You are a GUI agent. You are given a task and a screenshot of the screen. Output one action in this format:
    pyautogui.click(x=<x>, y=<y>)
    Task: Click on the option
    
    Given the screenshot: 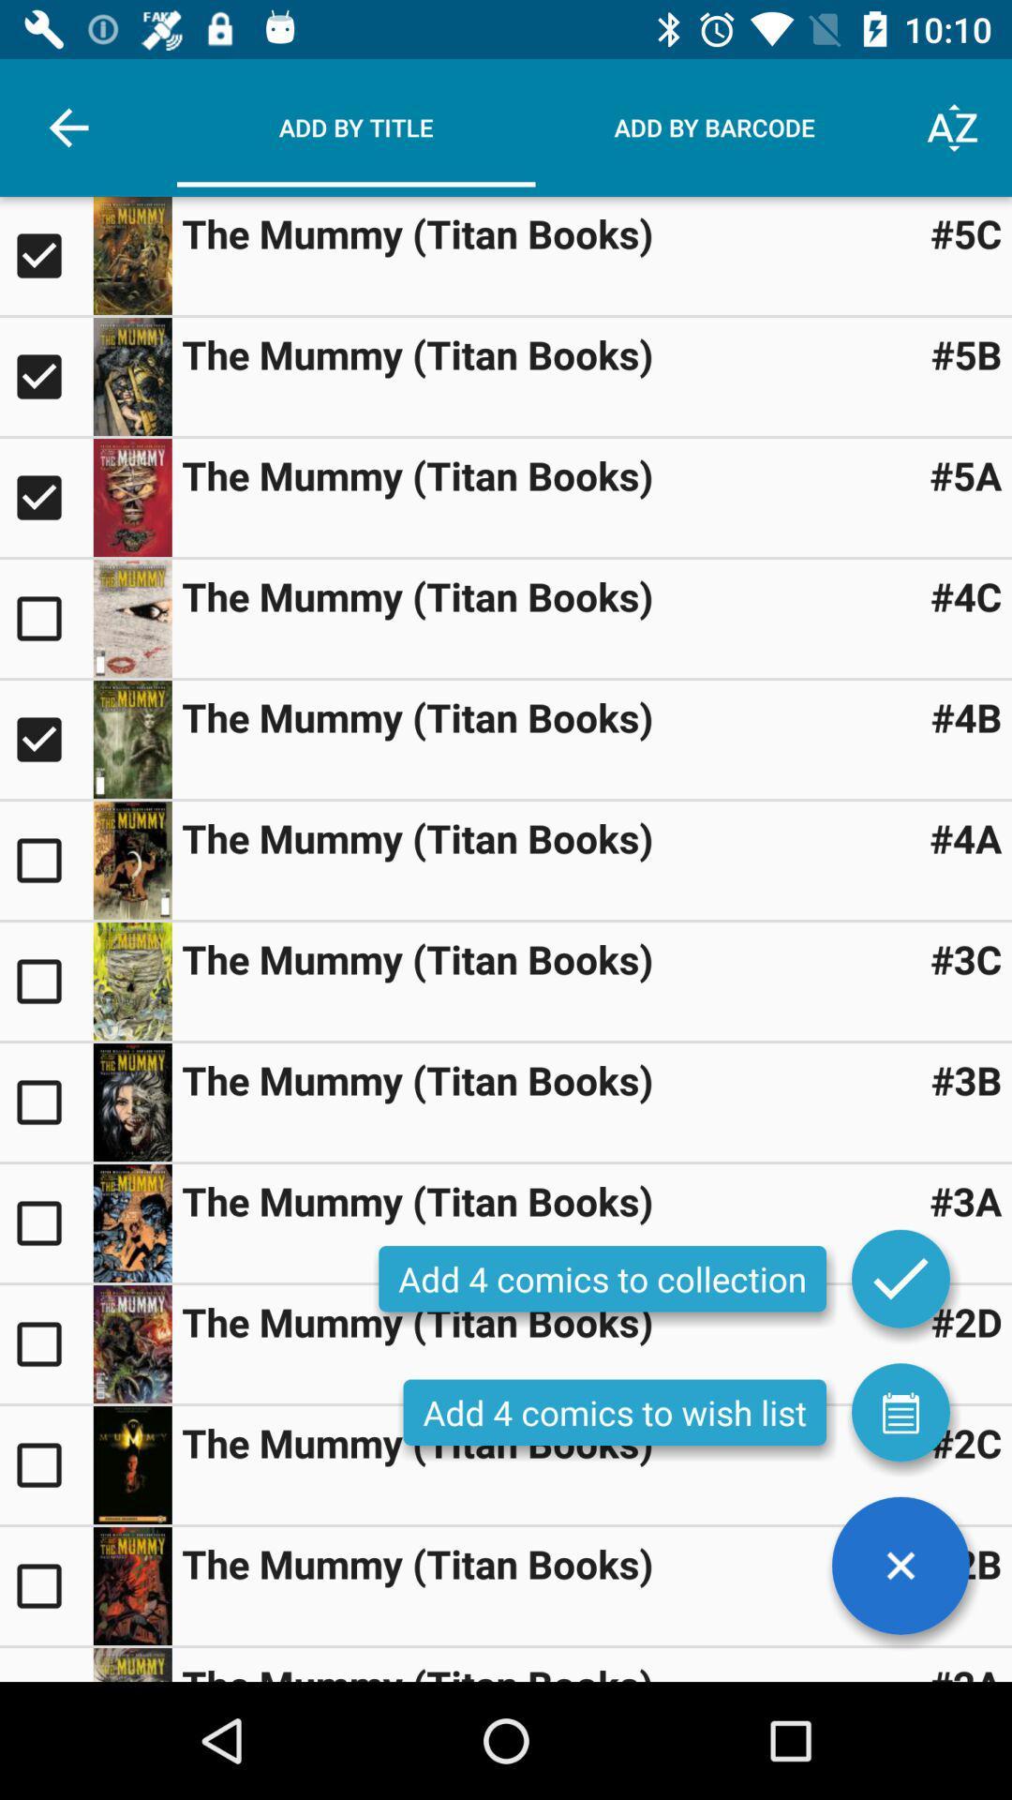 What is the action you would take?
    pyautogui.click(x=131, y=738)
    